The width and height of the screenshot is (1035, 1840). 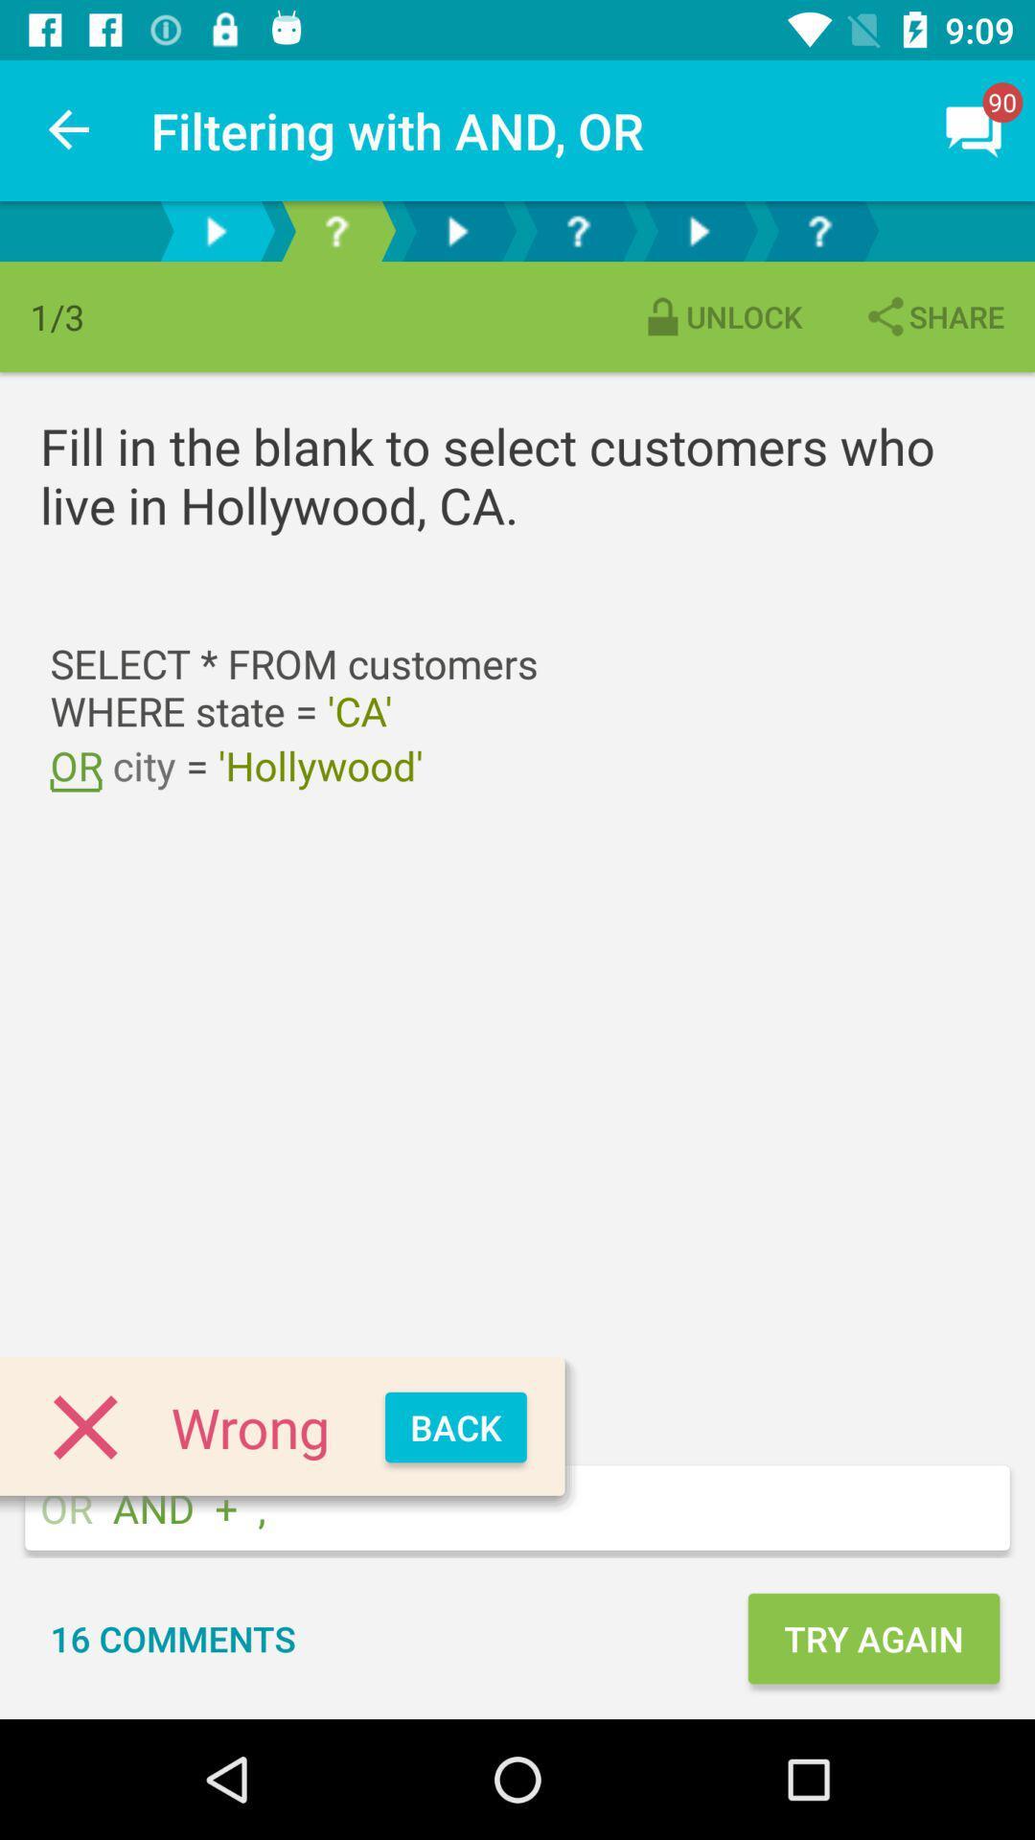 I want to click on the item above the share icon, so click(x=975, y=129).